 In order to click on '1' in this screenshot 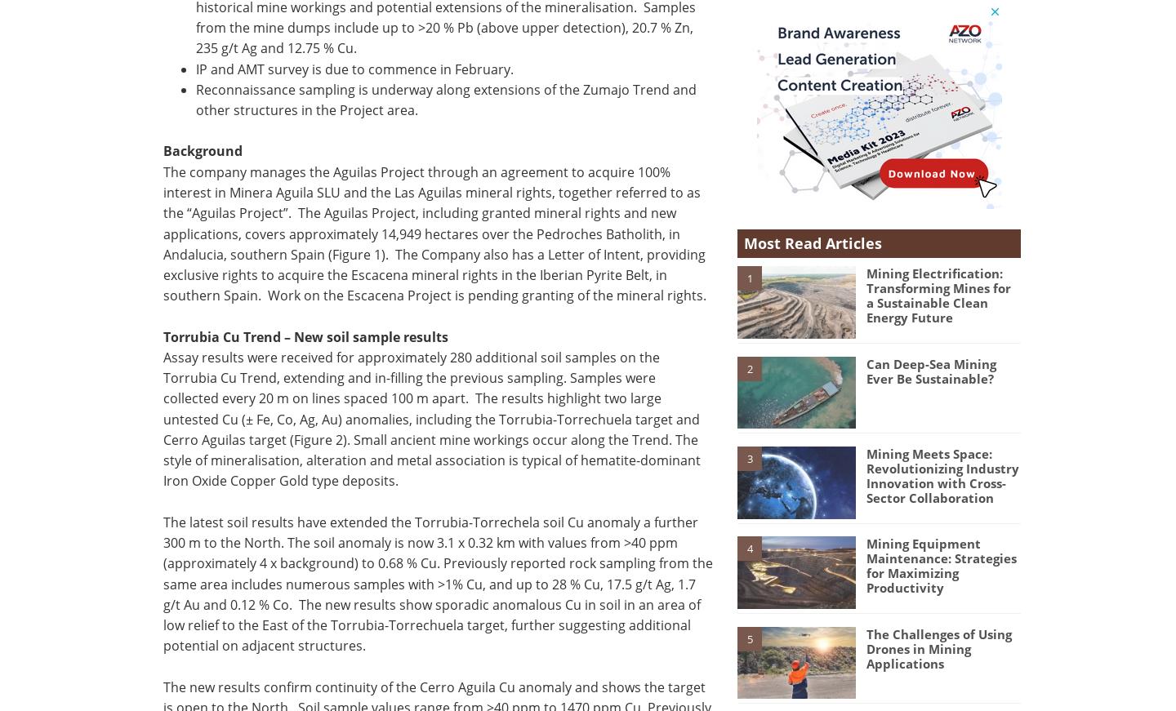, I will do `click(746, 277)`.